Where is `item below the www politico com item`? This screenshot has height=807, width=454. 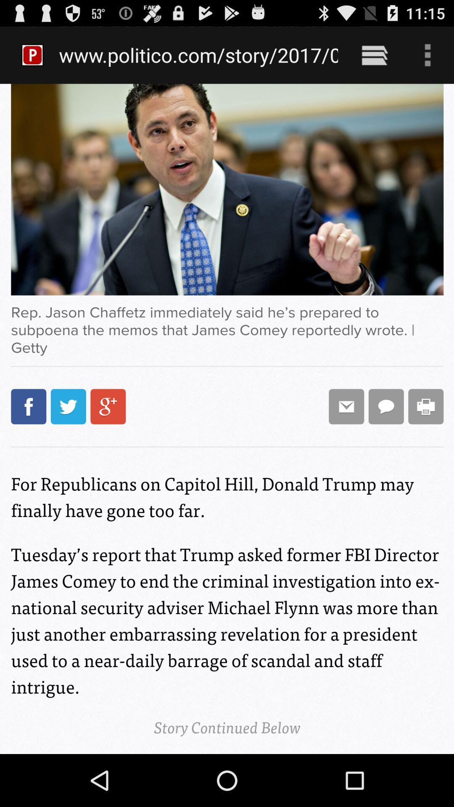
item below the www politico com item is located at coordinates (227, 419).